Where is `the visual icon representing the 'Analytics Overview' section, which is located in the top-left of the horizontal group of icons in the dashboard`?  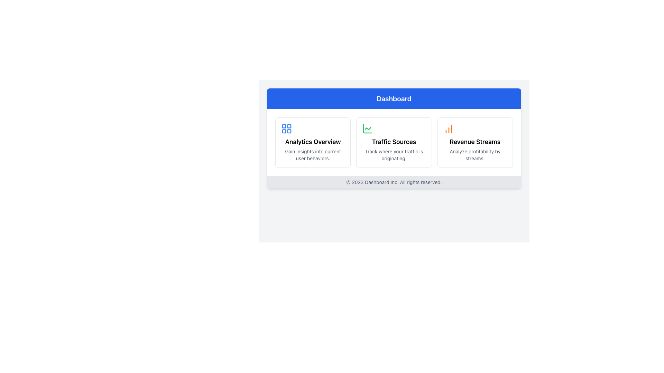 the visual icon representing the 'Analytics Overview' section, which is located in the top-left of the horizontal group of icons in the dashboard is located at coordinates (287, 129).